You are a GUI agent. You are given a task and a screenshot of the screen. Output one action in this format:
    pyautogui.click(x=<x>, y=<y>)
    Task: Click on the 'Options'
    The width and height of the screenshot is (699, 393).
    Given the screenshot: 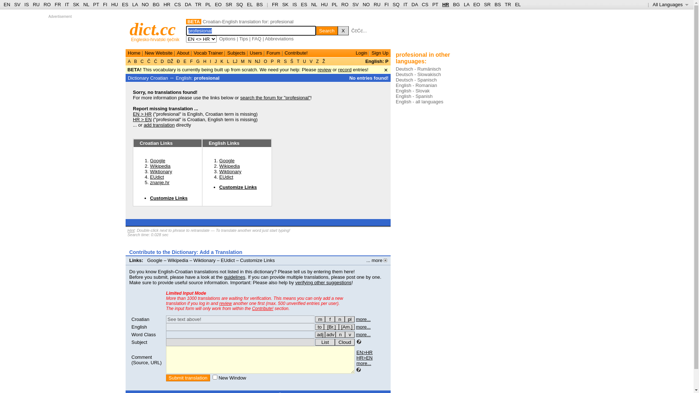 What is the action you would take?
    pyautogui.click(x=227, y=39)
    